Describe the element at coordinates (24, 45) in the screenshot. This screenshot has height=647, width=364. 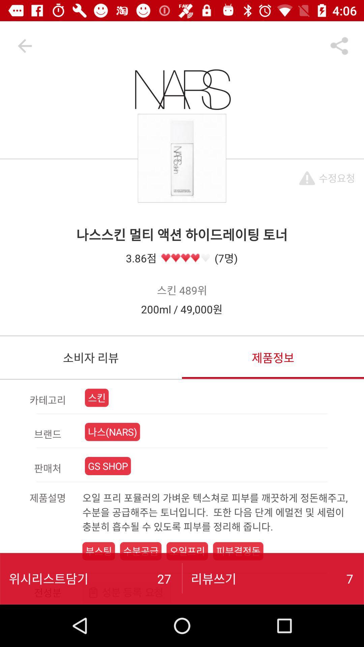
I see `the arrow_backward icon` at that location.